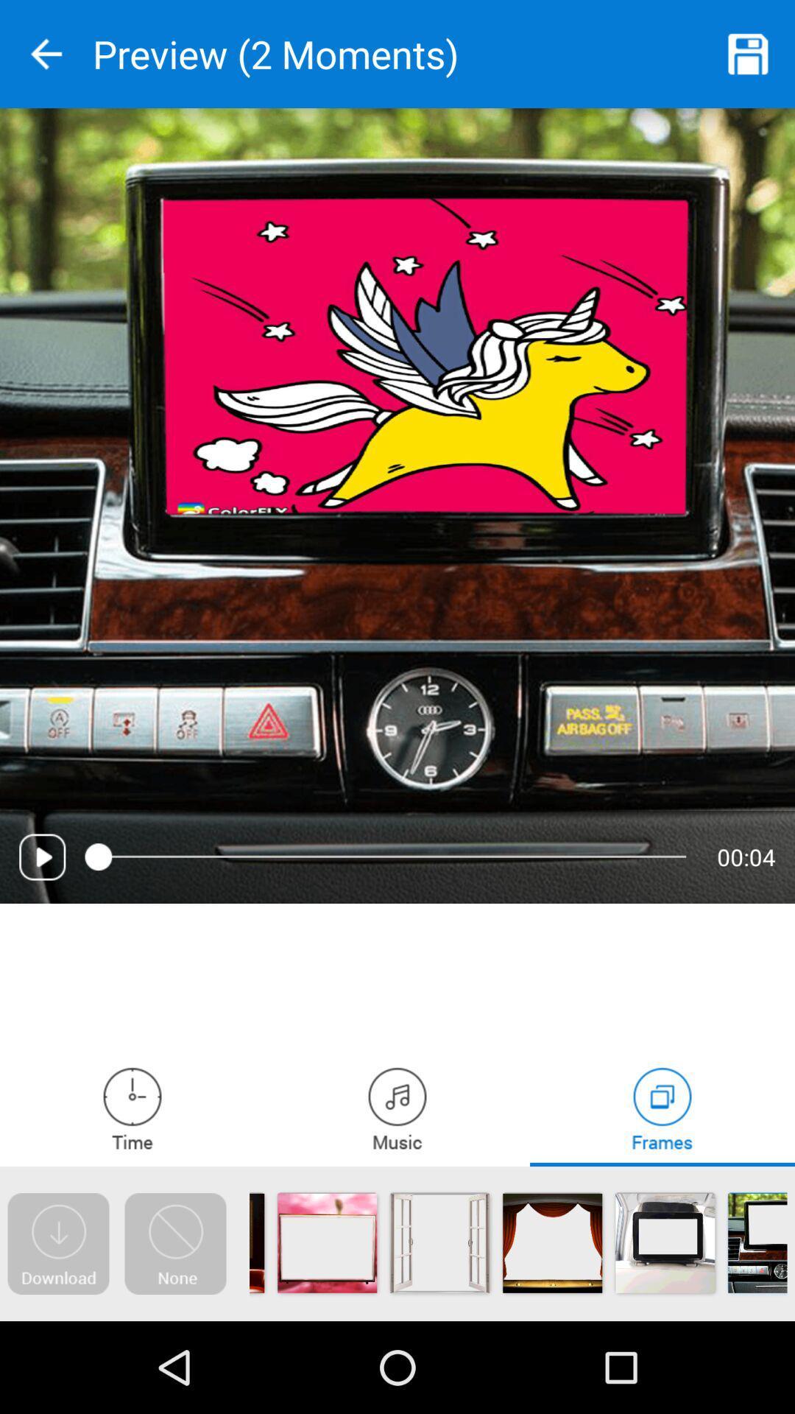 Image resolution: width=795 pixels, height=1414 pixels. What do you see at coordinates (132, 1108) in the screenshot?
I see `the microphone icon` at bounding box center [132, 1108].